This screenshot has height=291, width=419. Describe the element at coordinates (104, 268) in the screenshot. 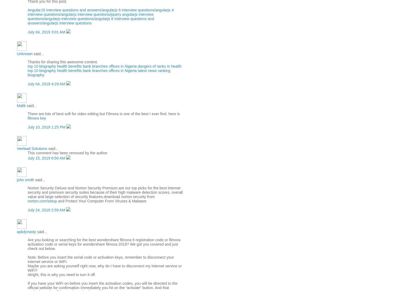

I see `'Maybe you are asking yourself right now, why do I have to disconnect my internet service or WiFi?'` at that location.